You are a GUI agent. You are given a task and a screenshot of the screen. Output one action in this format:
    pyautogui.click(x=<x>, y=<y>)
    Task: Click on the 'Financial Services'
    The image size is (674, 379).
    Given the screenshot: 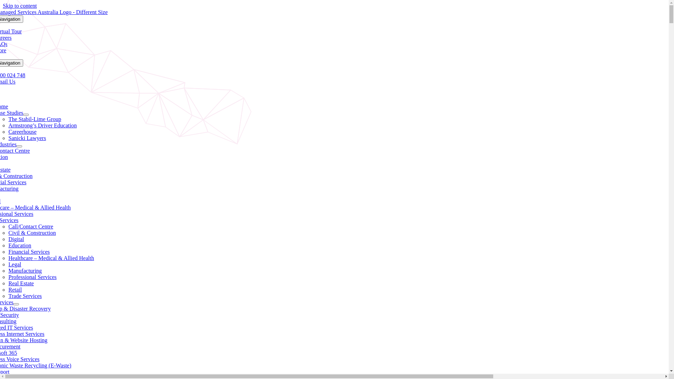 What is the action you would take?
    pyautogui.click(x=28, y=251)
    